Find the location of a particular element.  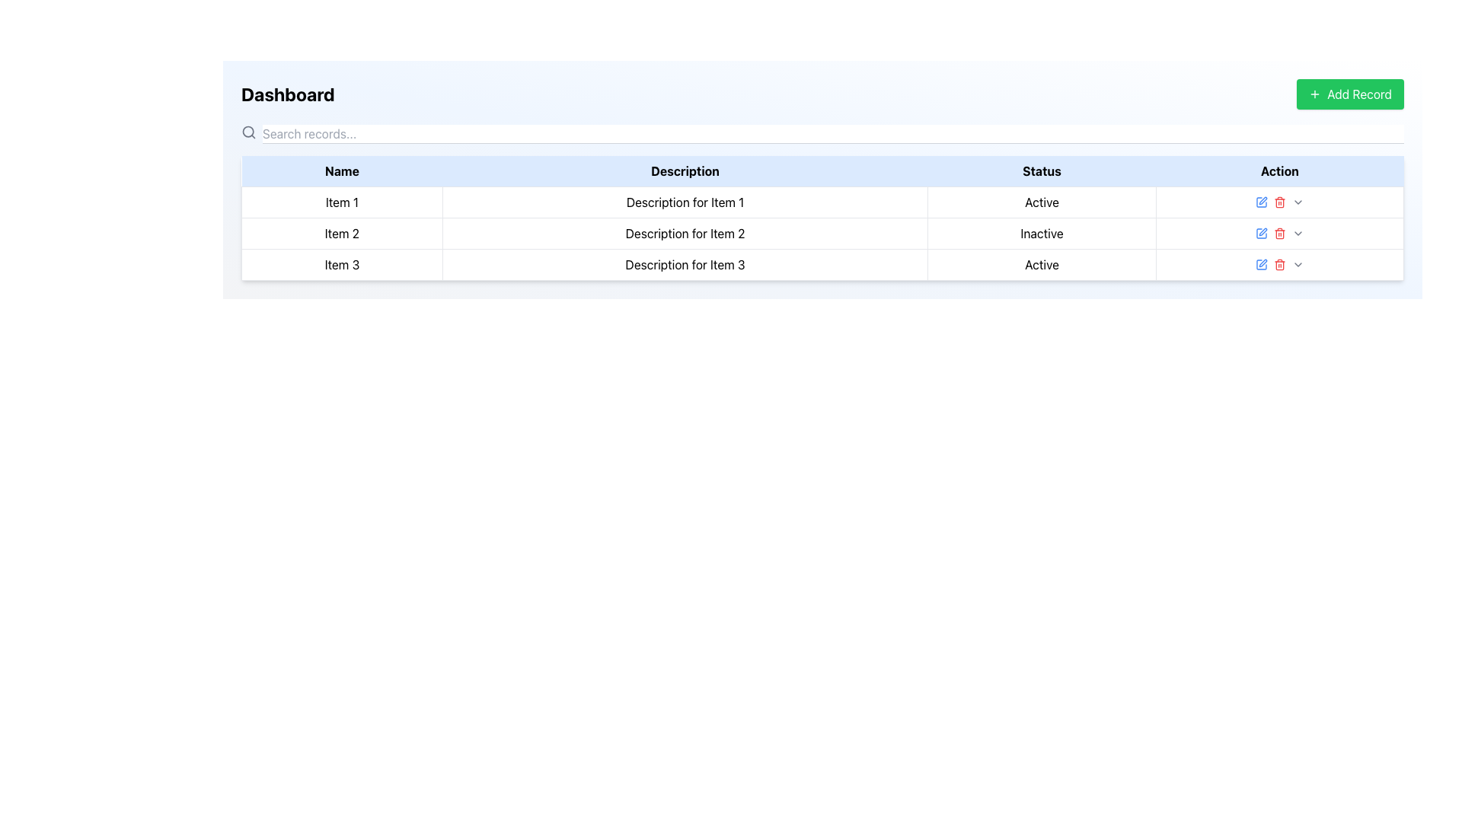

the static text display in the first row of the table under the 'Status' column, which represents the status of 'Item 1' is located at coordinates (1041, 202).